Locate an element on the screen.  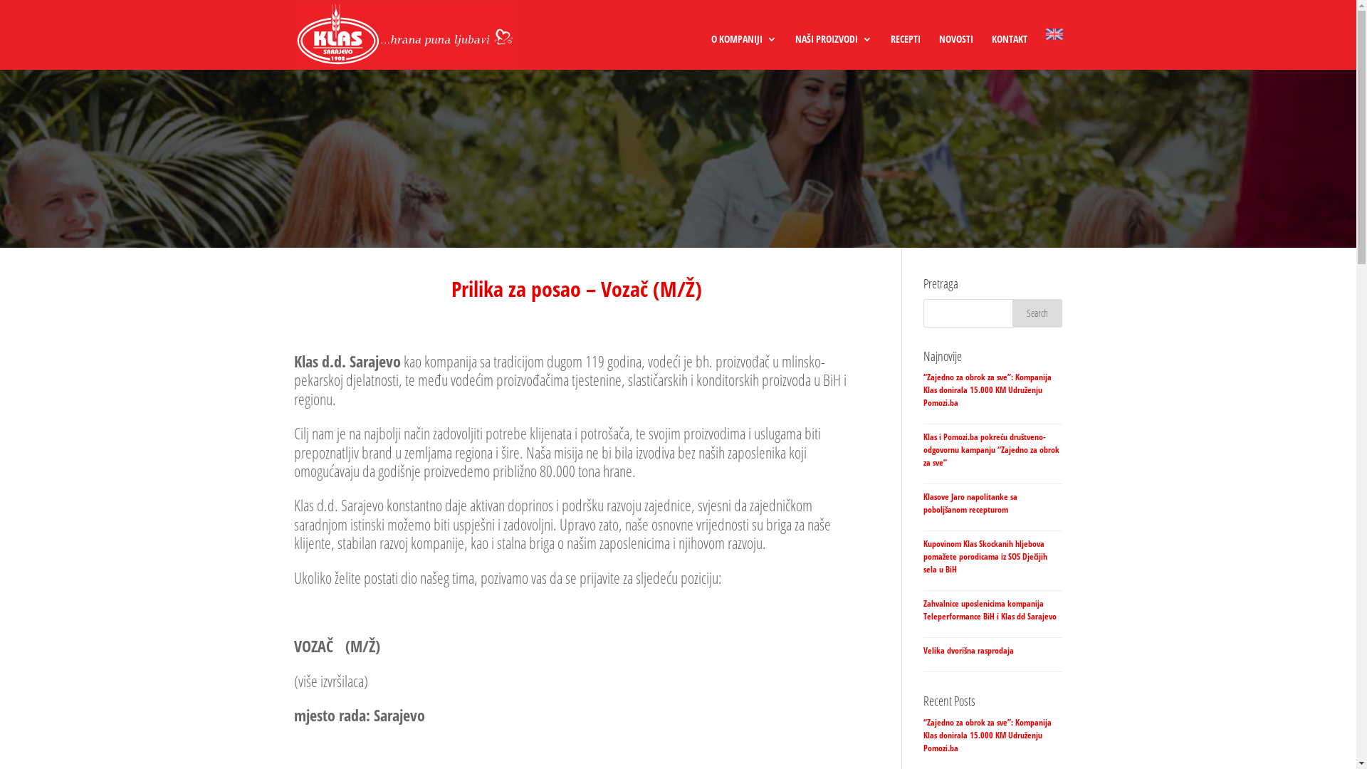
'NOVOSTI' is located at coordinates (955, 51).